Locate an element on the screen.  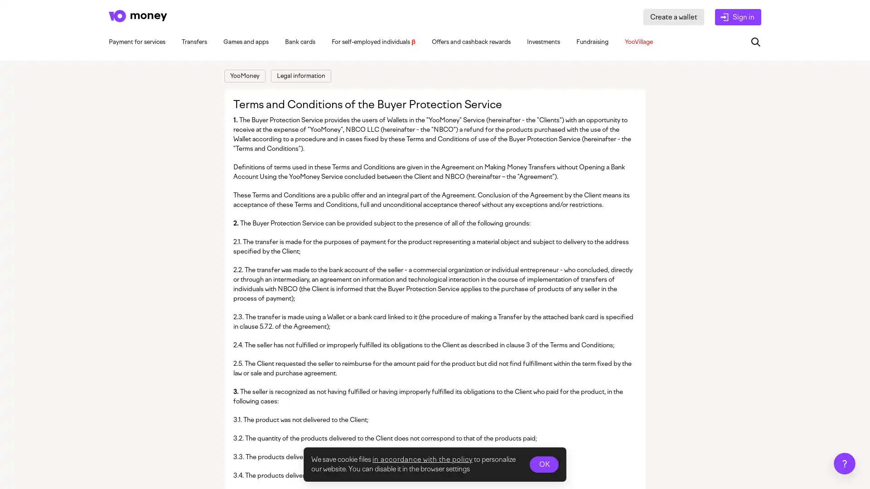
Search button is located at coordinates (756, 42).